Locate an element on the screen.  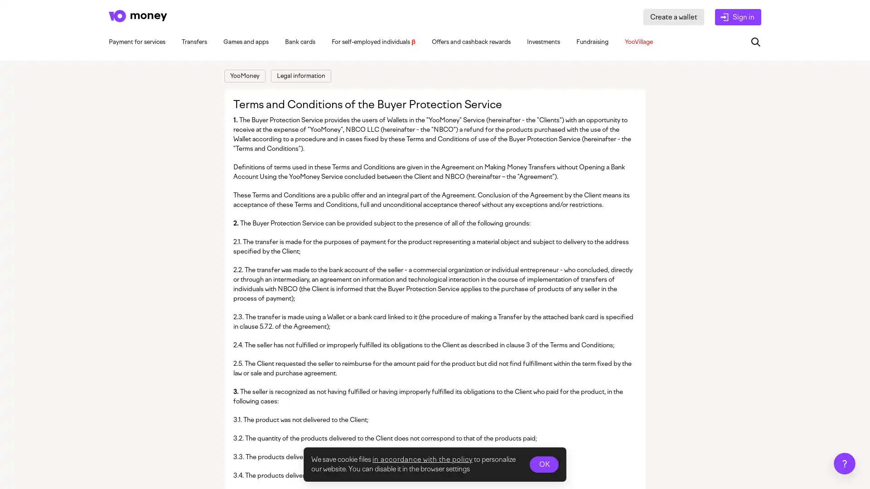
Search button is located at coordinates (756, 42).